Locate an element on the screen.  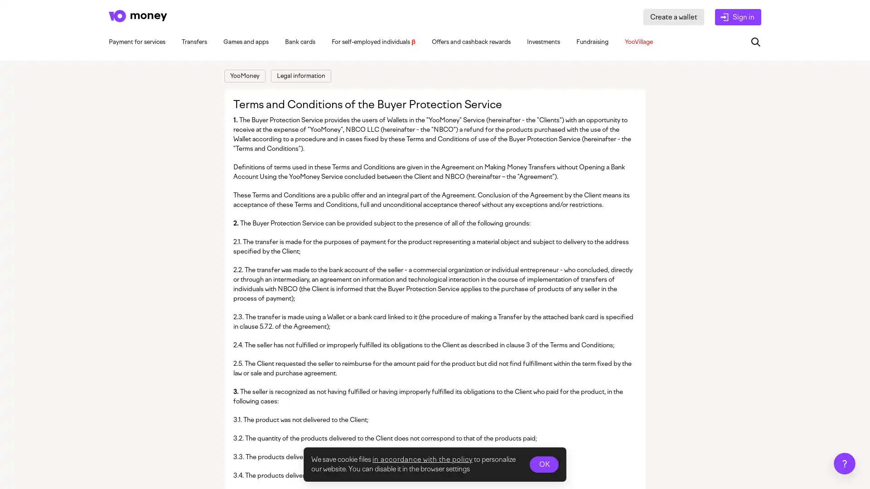
Search button is located at coordinates (756, 42).